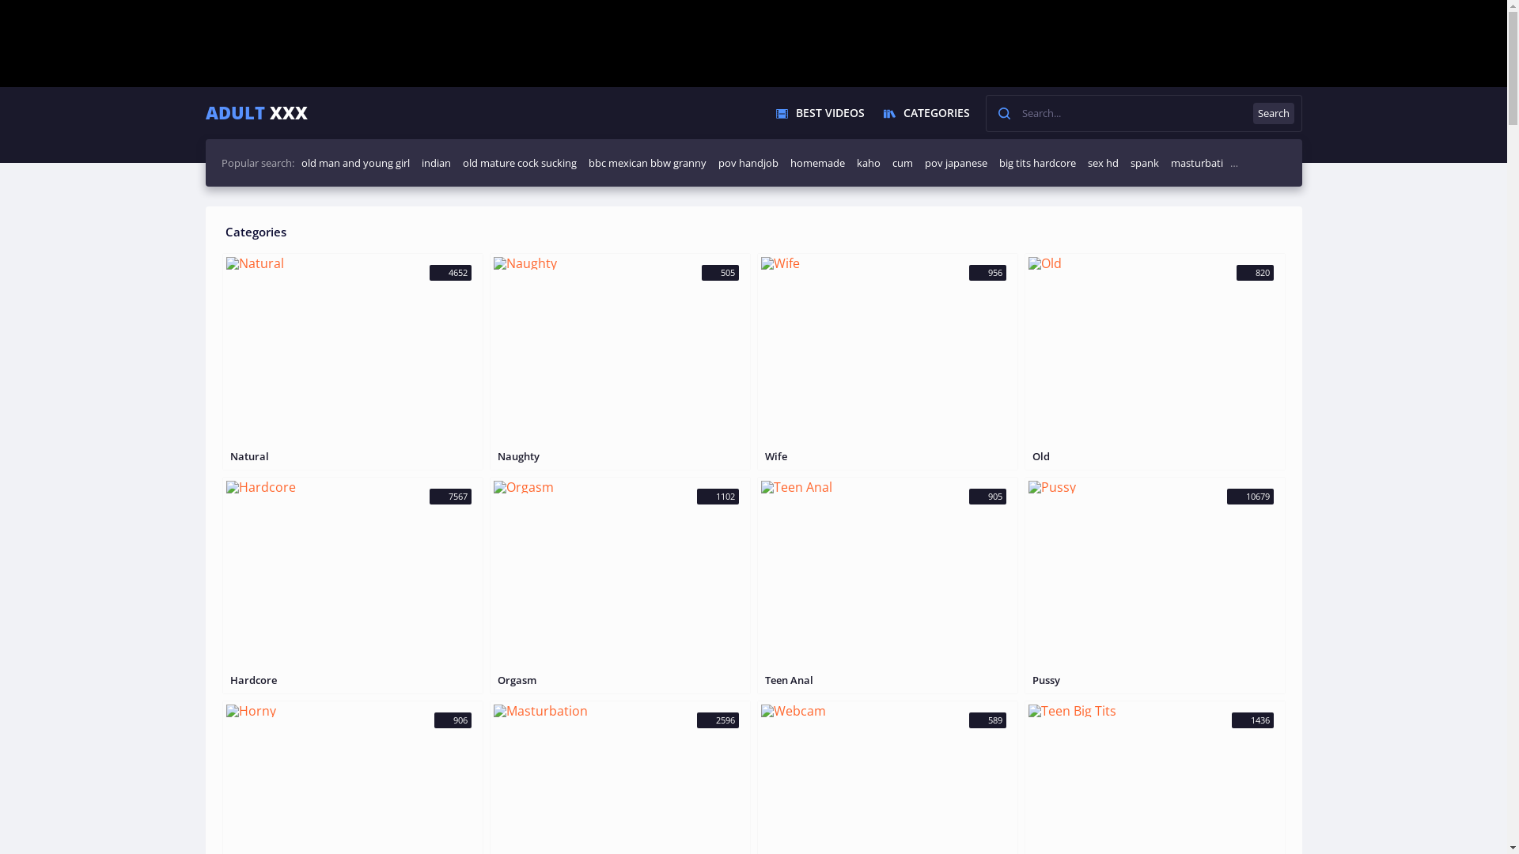 This screenshot has height=854, width=1519. Describe the element at coordinates (461, 162) in the screenshot. I see `'old mature cock sucking'` at that location.